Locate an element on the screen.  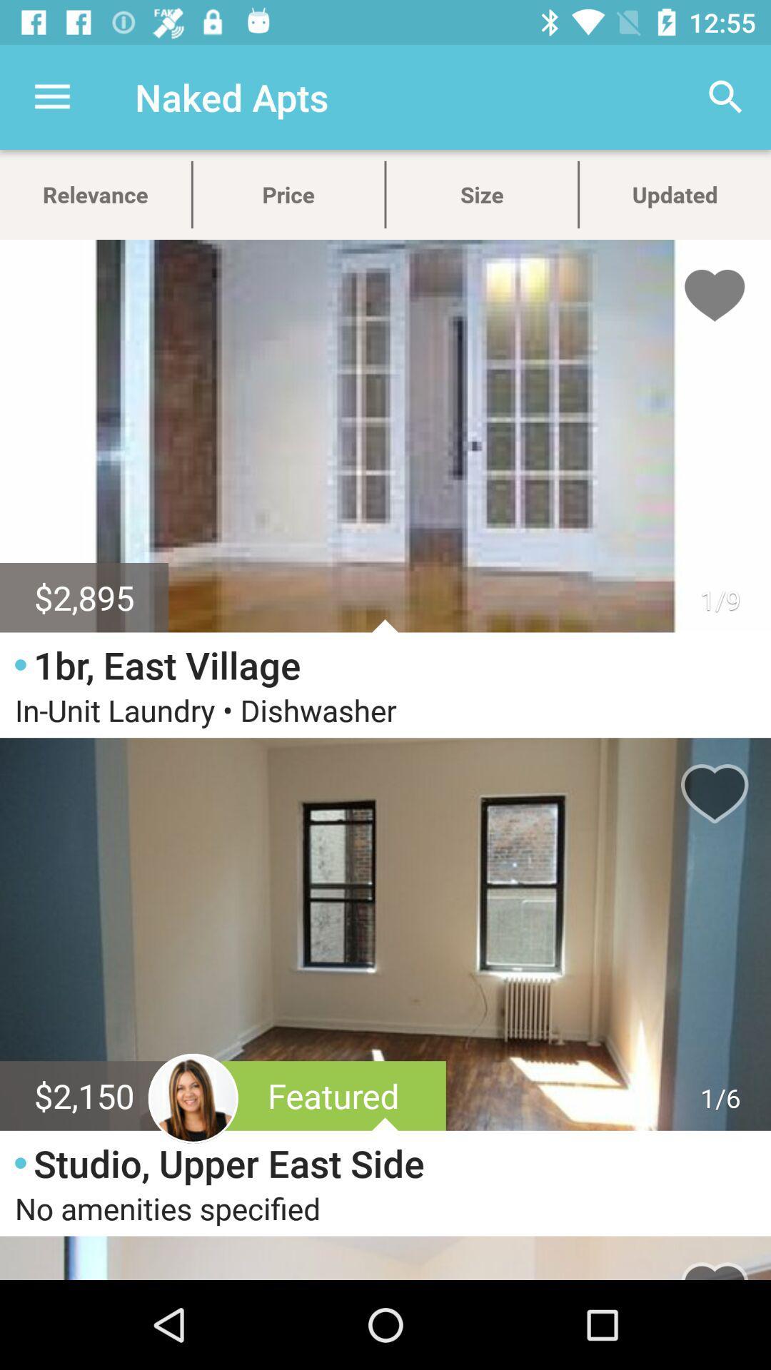
the updated is located at coordinates (675, 194).